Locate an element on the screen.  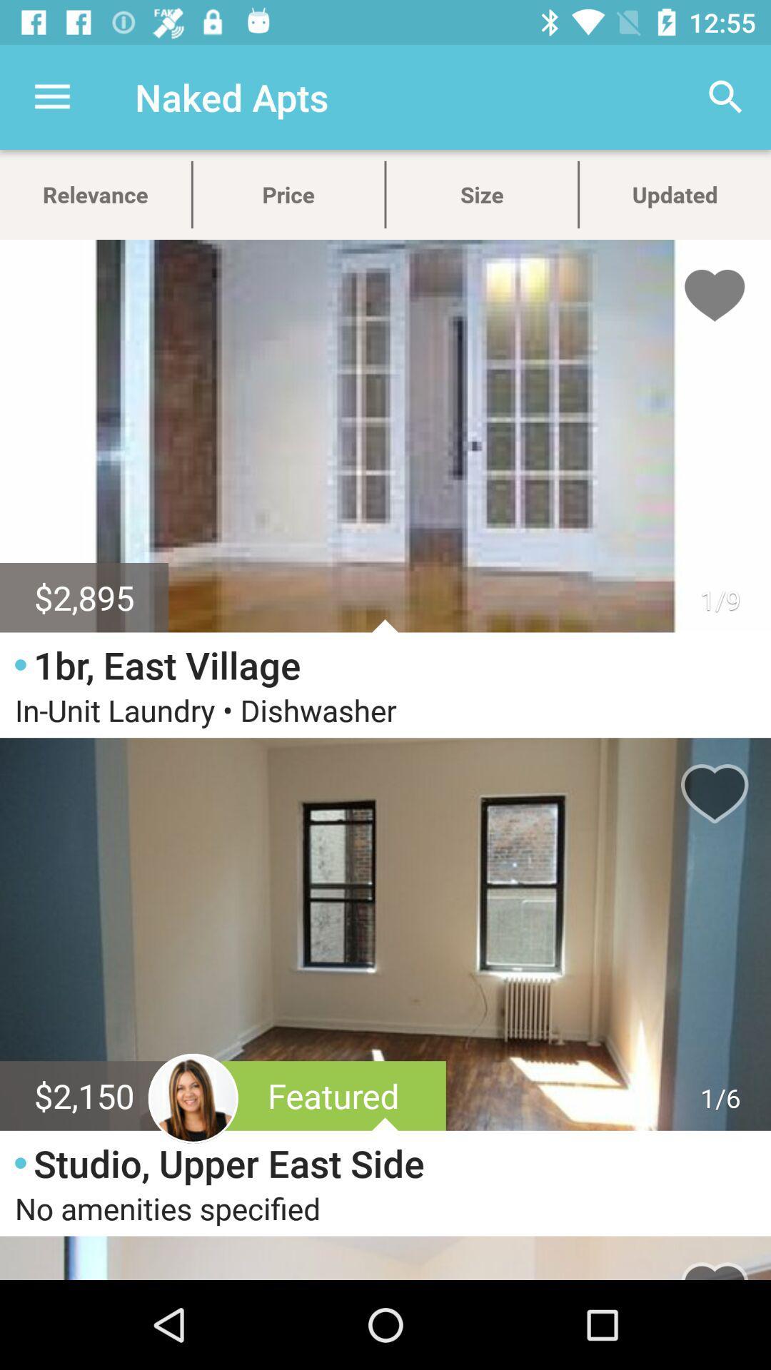
the updated is located at coordinates (675, 194).